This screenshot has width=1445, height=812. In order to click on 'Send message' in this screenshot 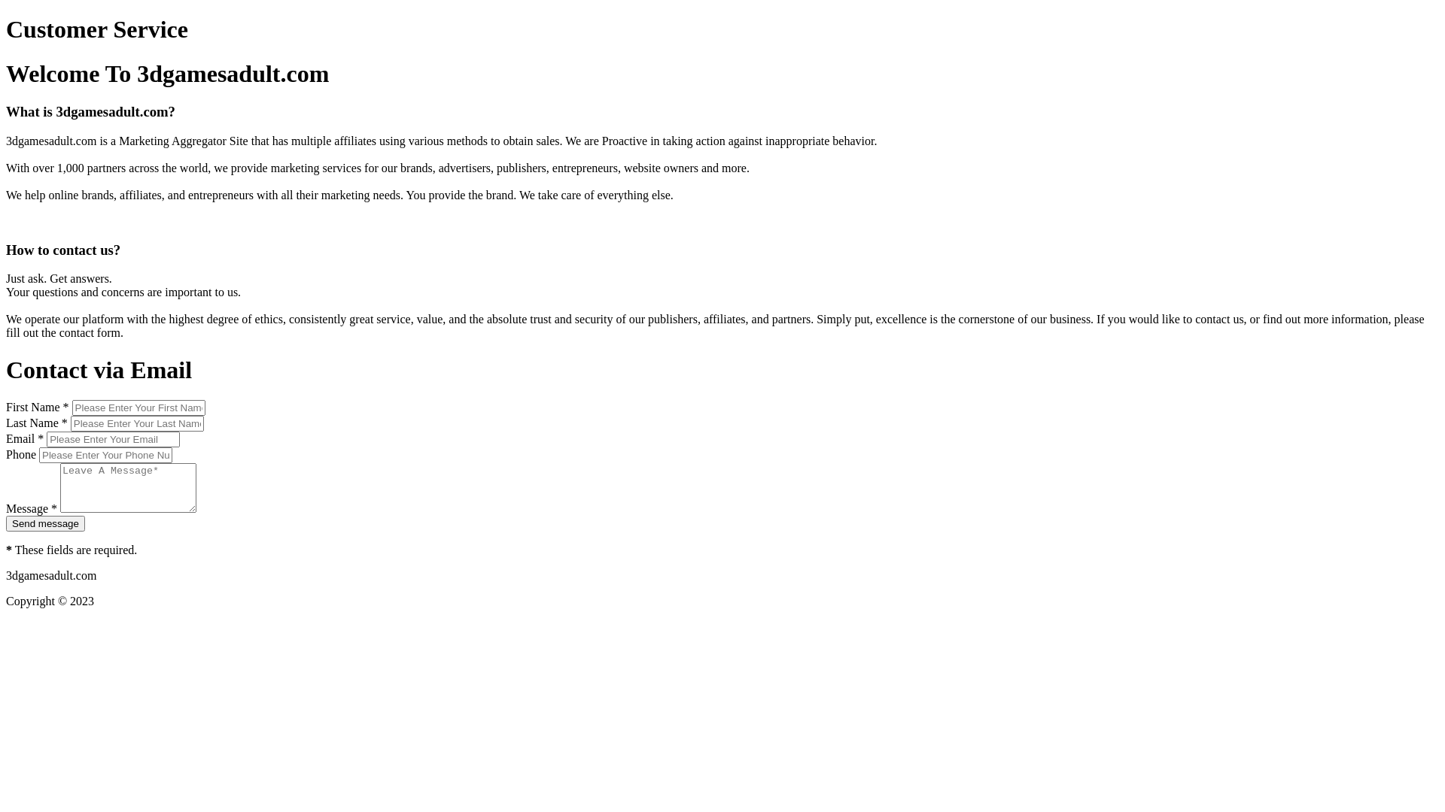, I will do `click(45, 523)`.